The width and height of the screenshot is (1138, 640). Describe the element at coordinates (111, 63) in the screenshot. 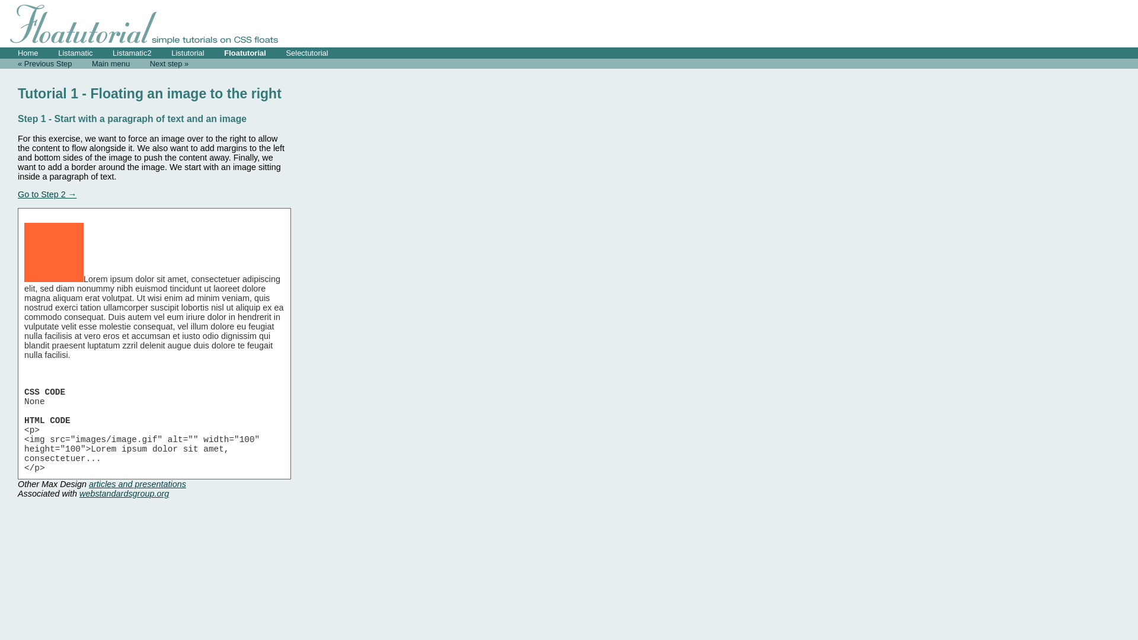

I see `'Main menu'` at that location.